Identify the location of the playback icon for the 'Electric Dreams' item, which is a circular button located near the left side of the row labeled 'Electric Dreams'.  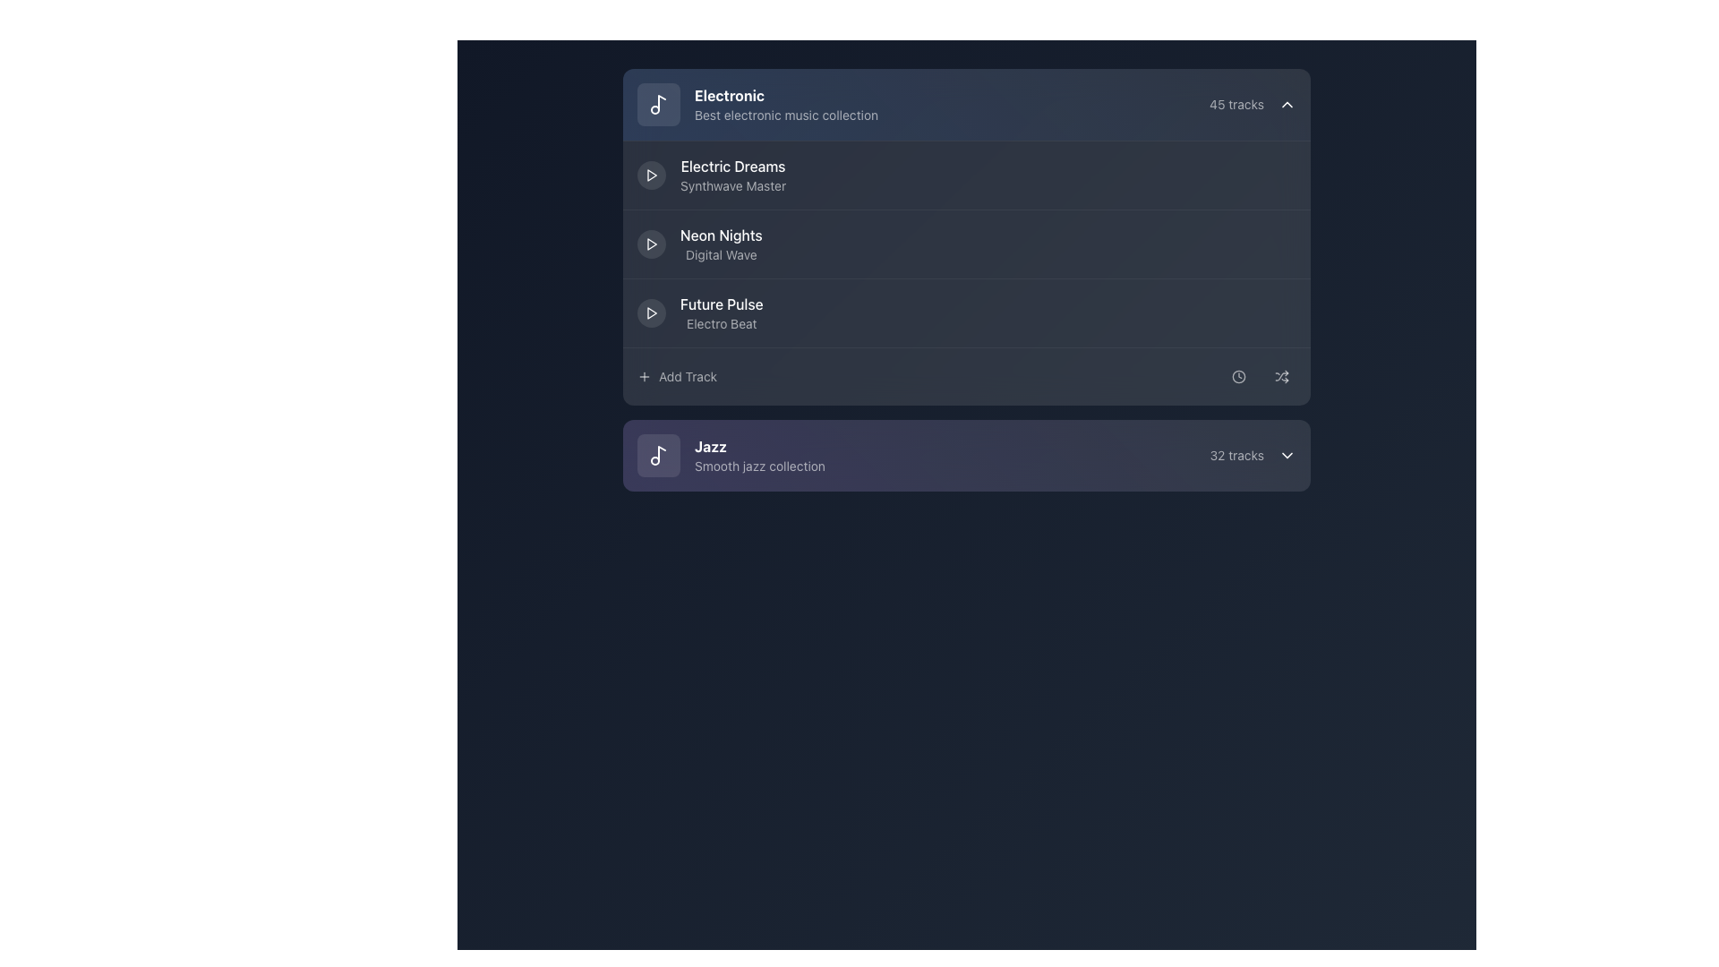
(651, 175).